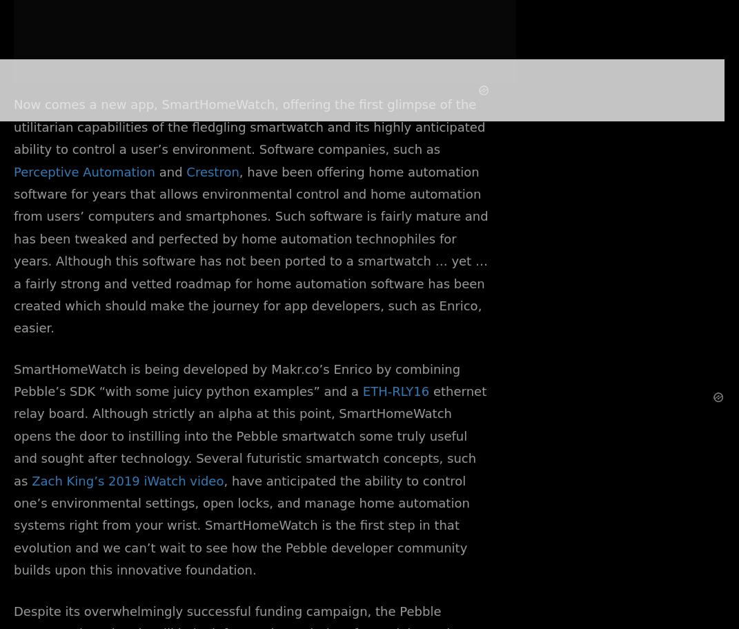 Image resolution: width=739 pixels, height=629 pixels. I want to click on ', have anticipated the ability to control one’s environmental settings, open locks, and manage home automation systems right from your wrist. SmartHomeWatch is the first step in that evolution and we can’t wait to see how the Pebble developer community builds upon this innovative foundation.', so click(241, 525).